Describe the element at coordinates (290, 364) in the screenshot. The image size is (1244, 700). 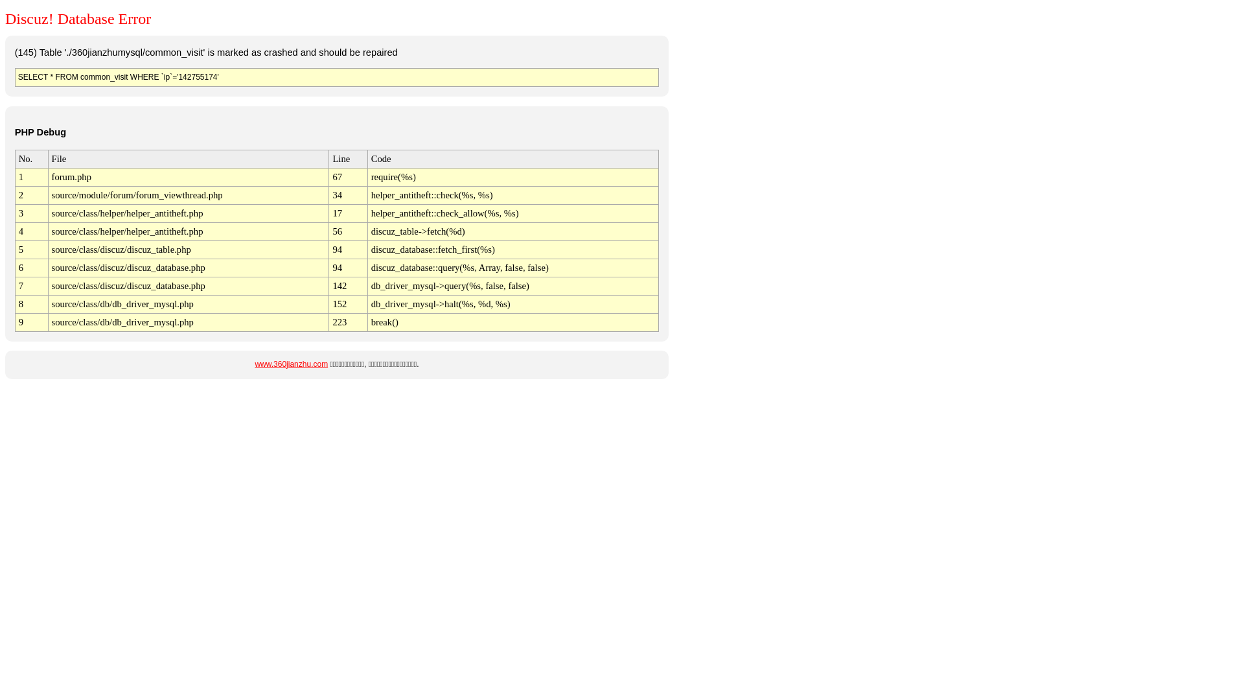
I see `'www.360jianzhu.com'` at that location.